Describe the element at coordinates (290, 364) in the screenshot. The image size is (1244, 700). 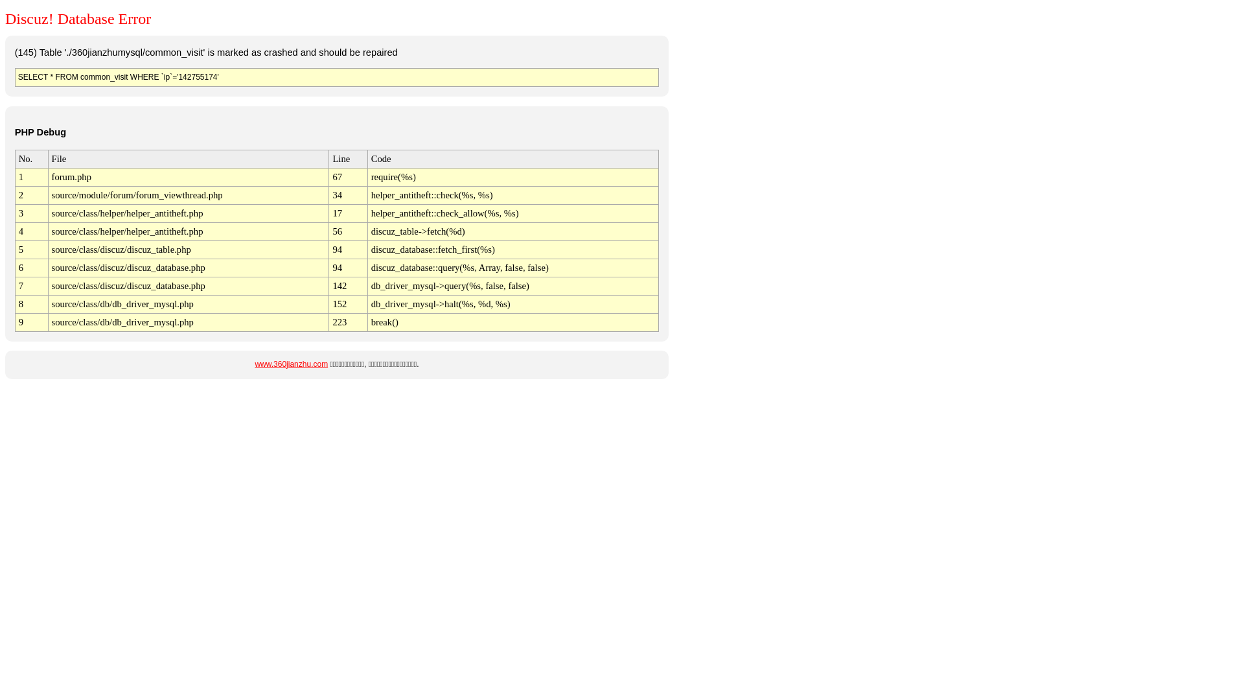
I see `'www.360jianzhu.com'` at that location.